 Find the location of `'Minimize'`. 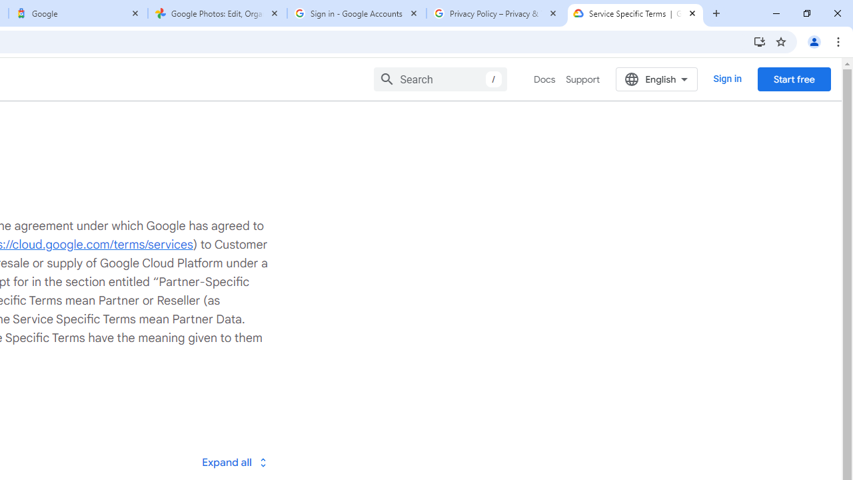

'Minimize' is located at coordinates (776, 13).